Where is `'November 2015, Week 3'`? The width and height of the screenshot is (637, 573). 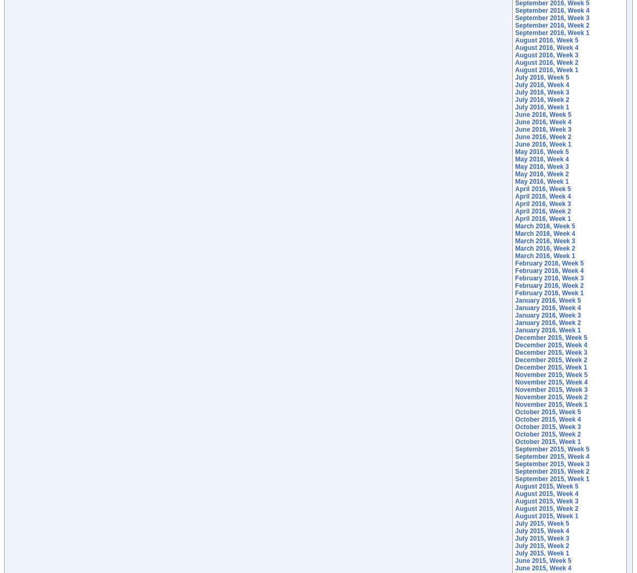 'November 2015, Week 3' is located at coordinates (551, 389).